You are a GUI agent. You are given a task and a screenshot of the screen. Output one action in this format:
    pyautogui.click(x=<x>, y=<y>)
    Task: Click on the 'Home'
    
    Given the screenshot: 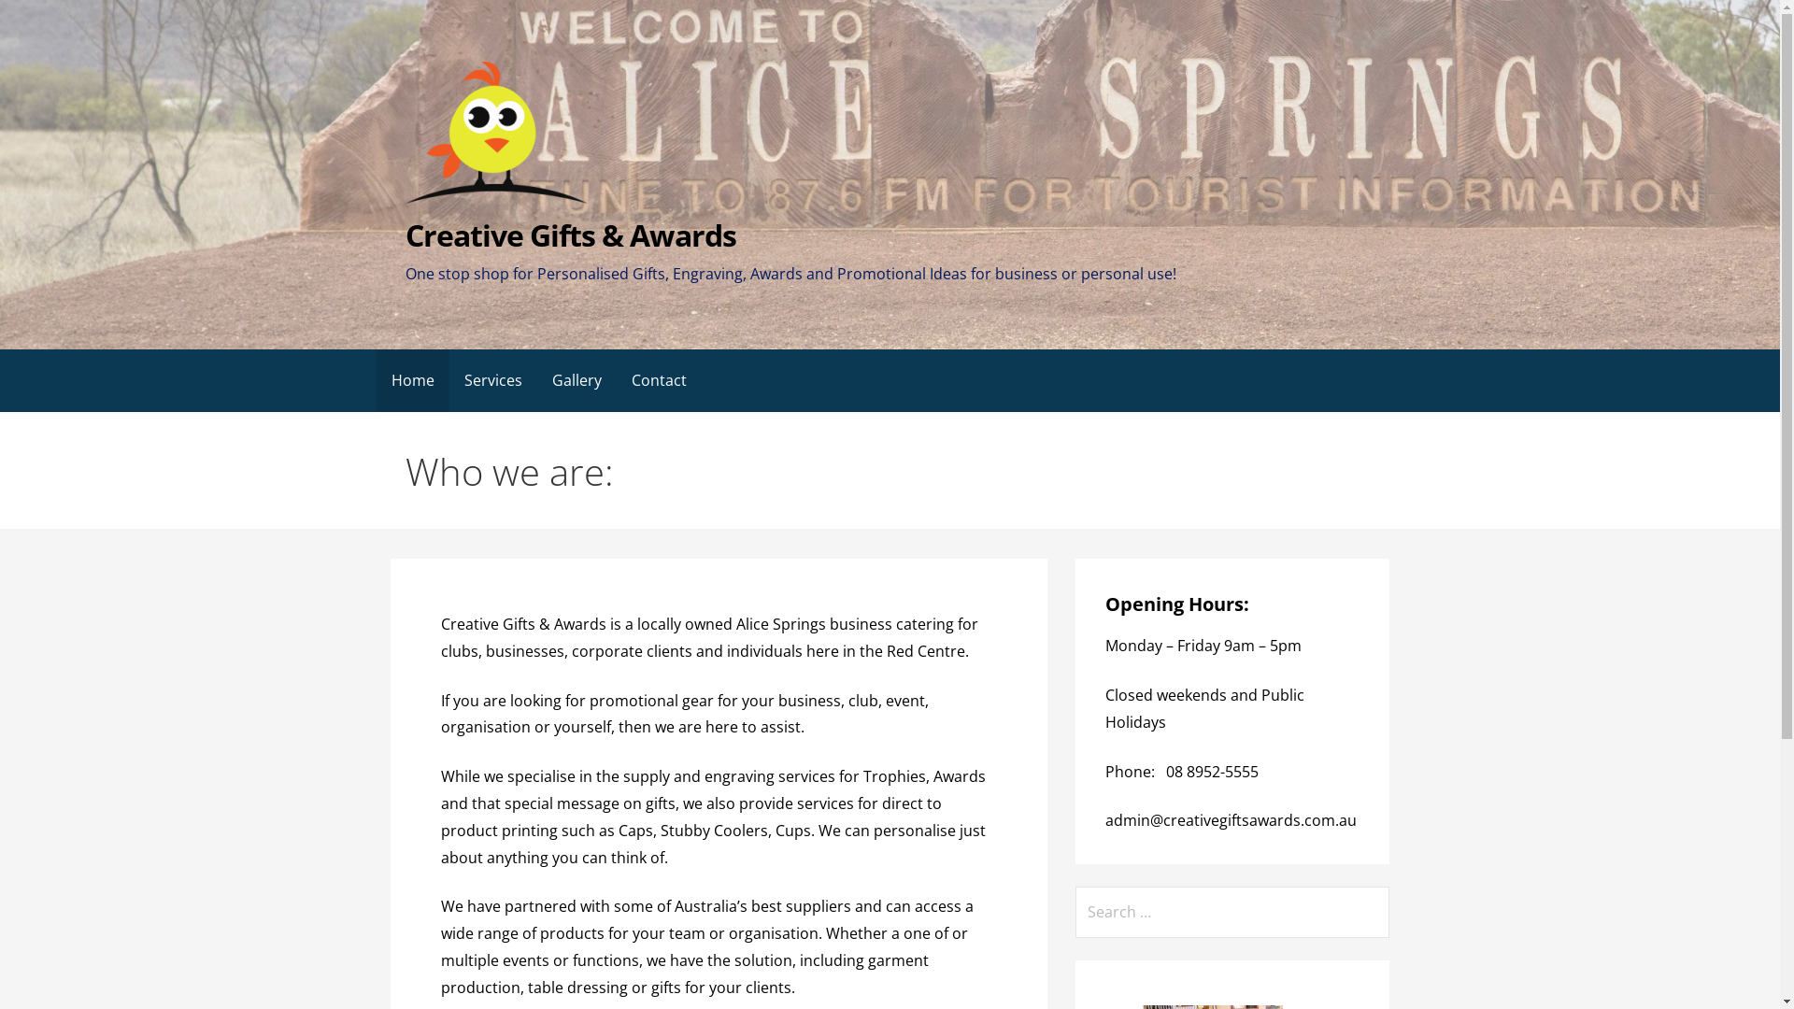 What is the action you would take?
    pyautogui.click(x=375, y=379)
    